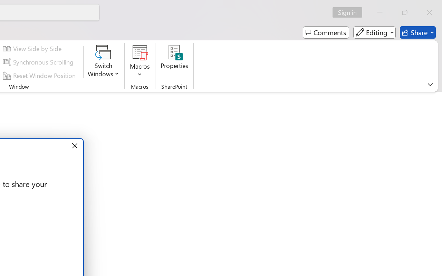  I want to click on 'Macros', so click(140, 62).